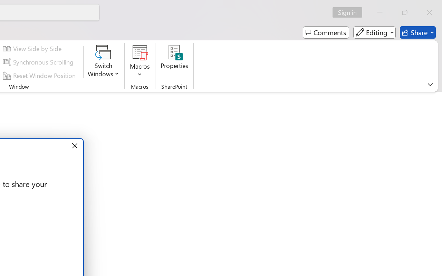  I want to click on 'Macros', so click(140, 62).